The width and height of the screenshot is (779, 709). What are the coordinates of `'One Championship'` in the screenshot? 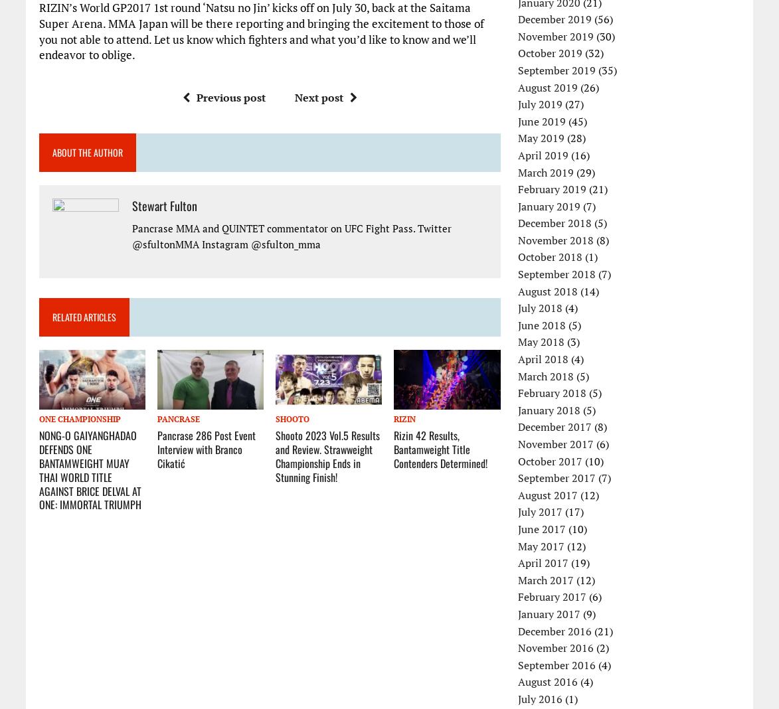 It's located at (79, 418).